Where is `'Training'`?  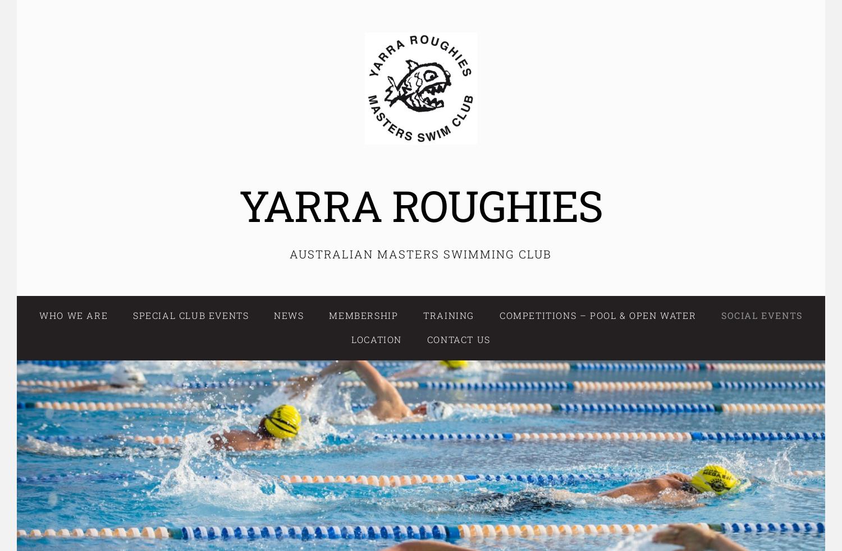 'Training' is located at coordinates (423, 315).